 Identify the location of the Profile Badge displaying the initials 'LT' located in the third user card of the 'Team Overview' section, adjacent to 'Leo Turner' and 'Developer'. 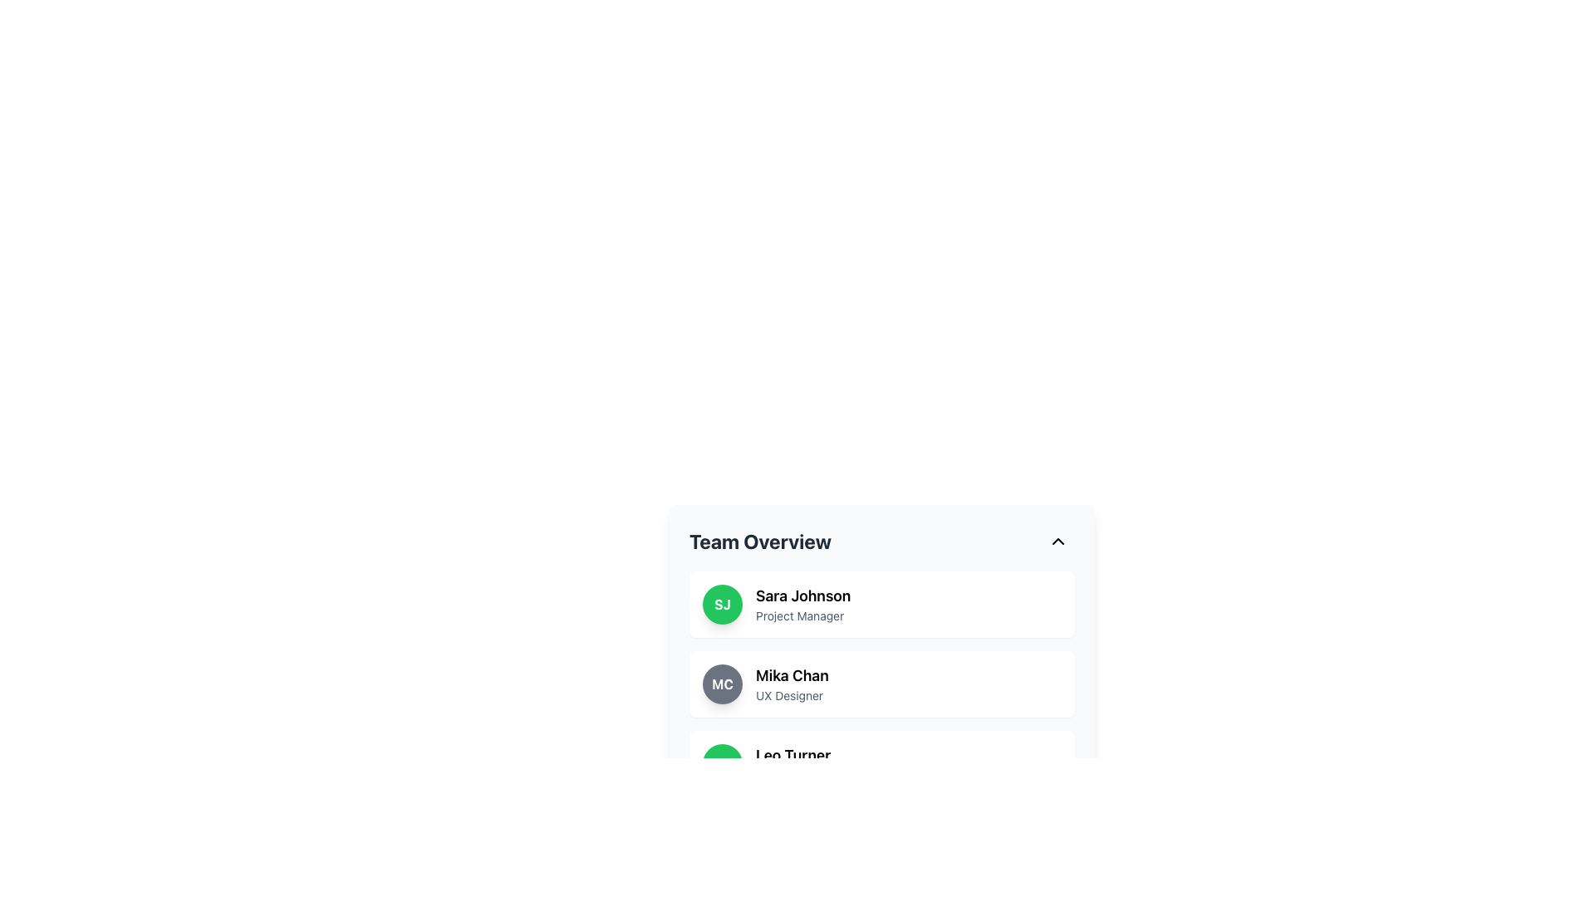
(722, 764).